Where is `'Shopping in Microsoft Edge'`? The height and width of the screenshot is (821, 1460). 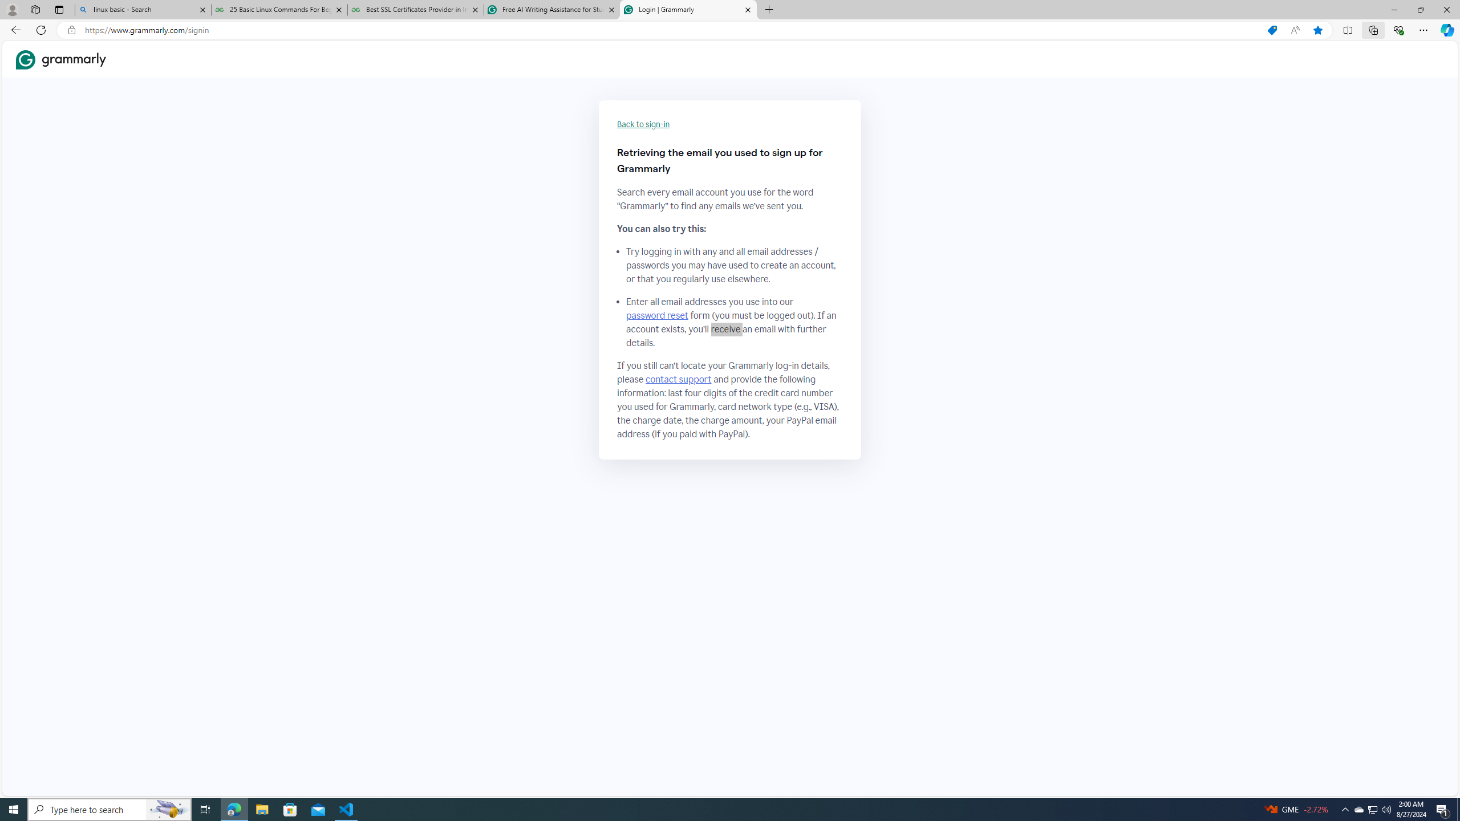
'Shopping in Microsoft Edge' is located at coordinates (1272, 30).